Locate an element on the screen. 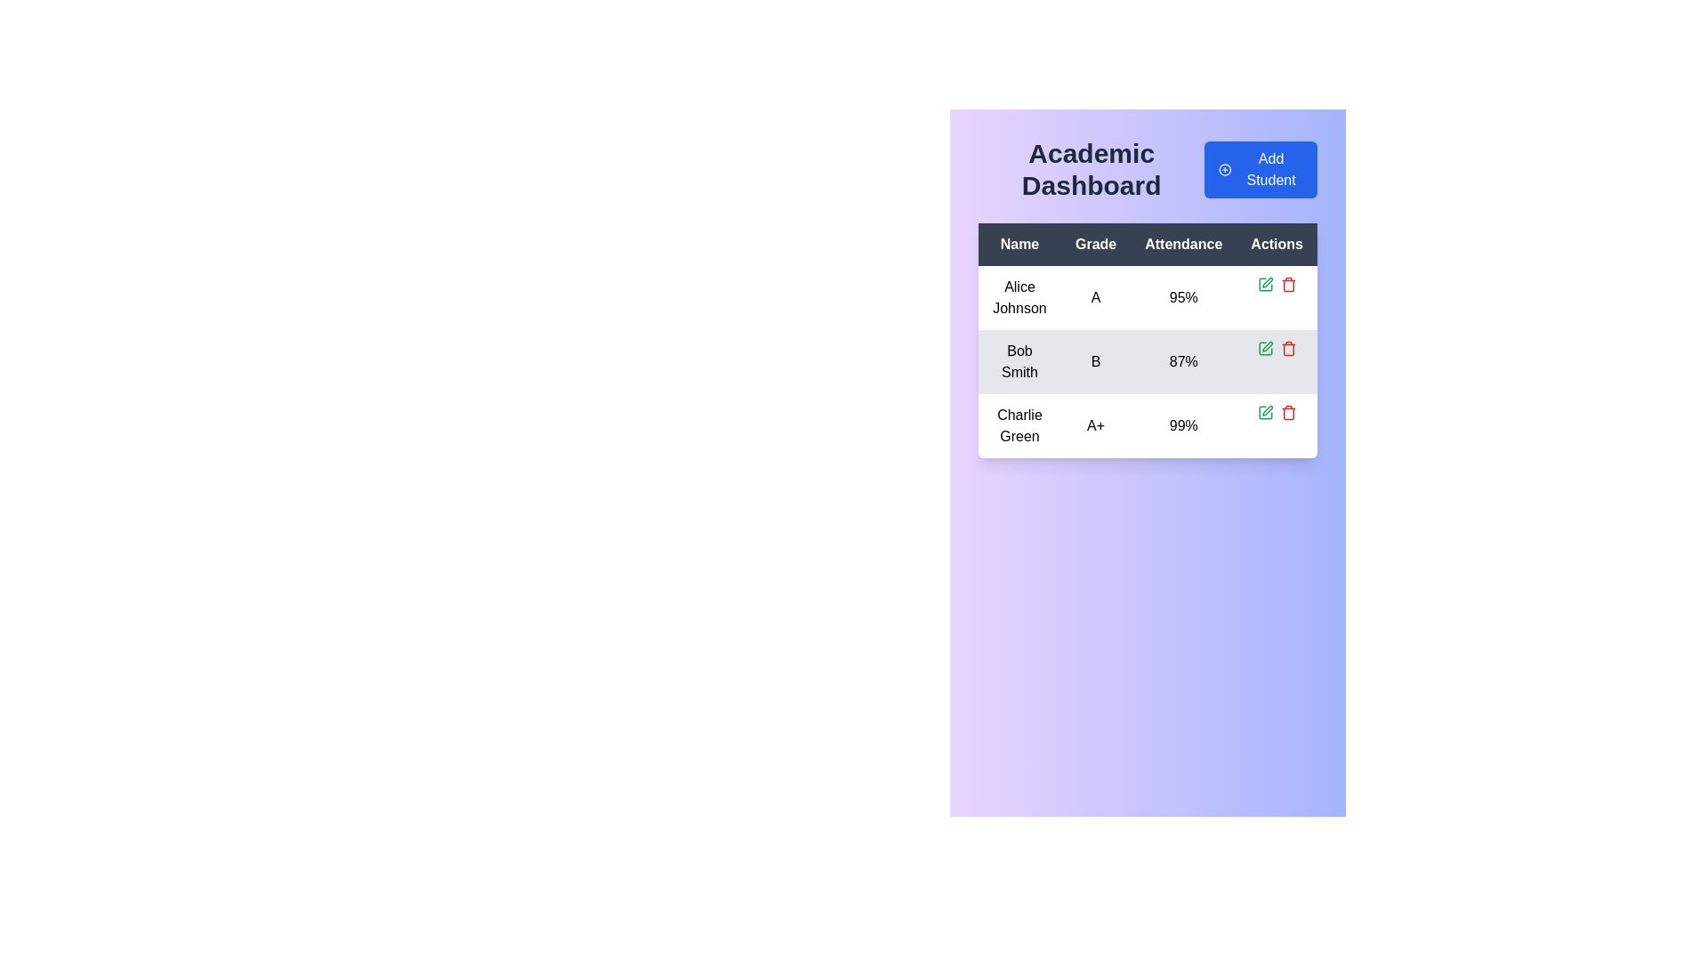 The height and width of the screenshot is (961, 1708). the delete button located at the end of the second row in the 'Actions' column of the table, which corresponds to the entry for 'Bob Smith' is located at coordinates (1288, 349).